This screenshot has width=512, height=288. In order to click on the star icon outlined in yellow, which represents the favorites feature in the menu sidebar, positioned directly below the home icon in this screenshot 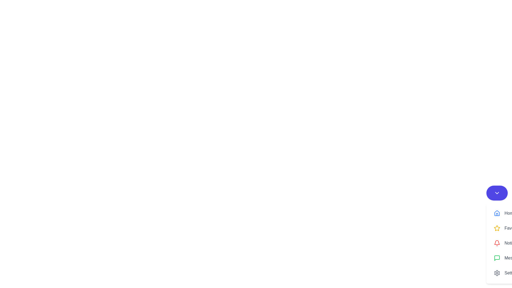, I will do `click(497, 228)`.